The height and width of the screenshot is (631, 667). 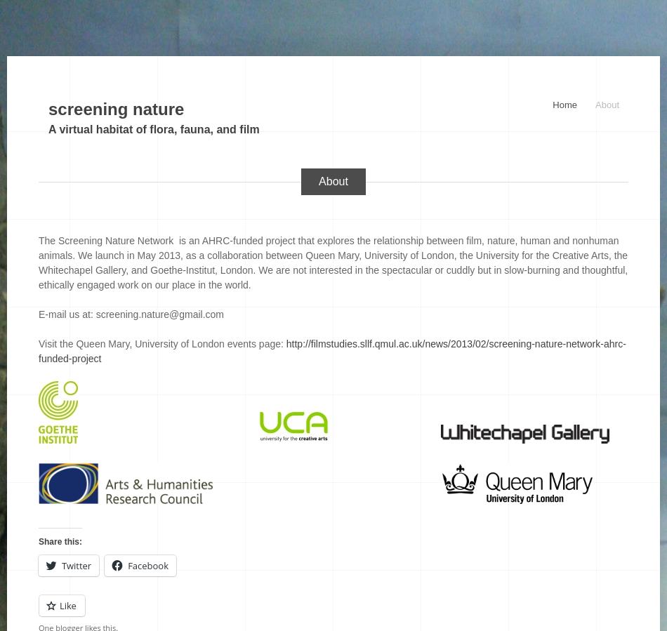 I want to click on 'Facebook', so click(x=147, y=566).